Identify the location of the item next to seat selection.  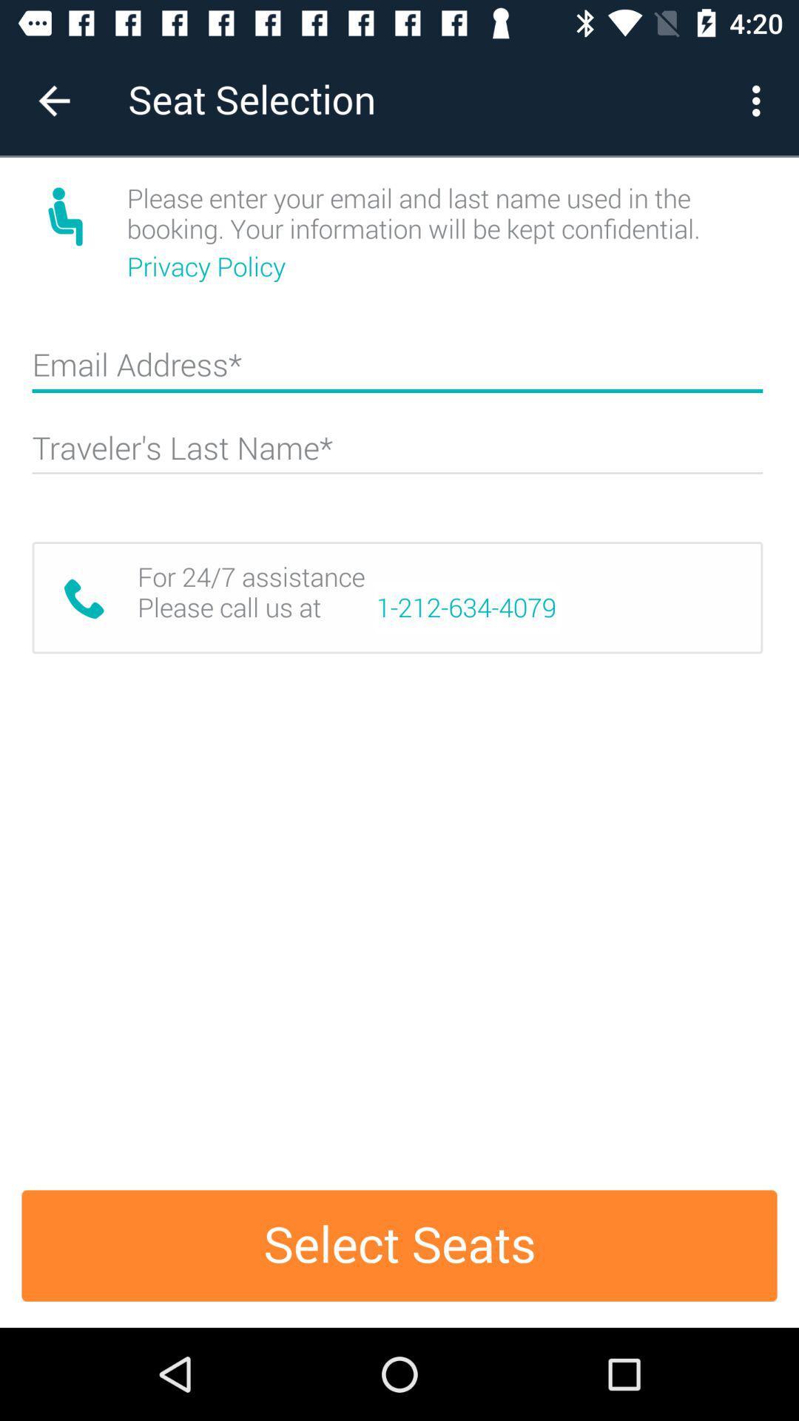
(53, 100).